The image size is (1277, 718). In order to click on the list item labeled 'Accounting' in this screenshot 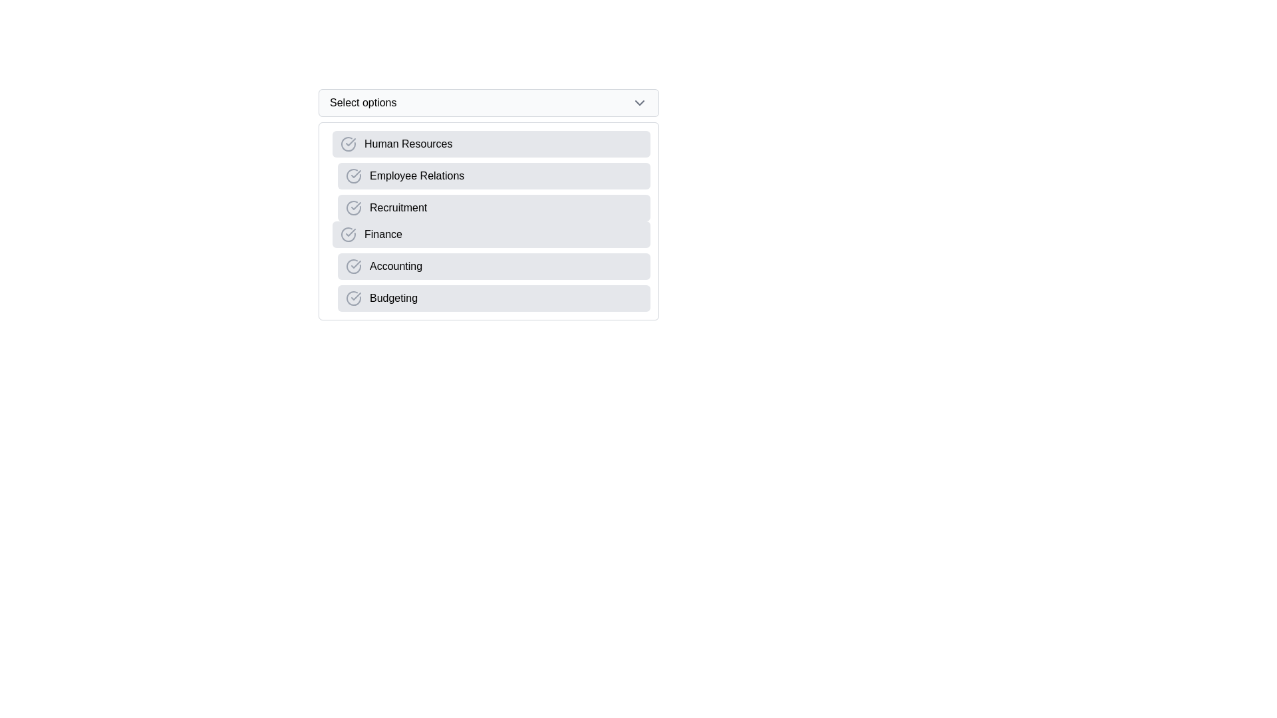, I will do `click(494, 267)`.